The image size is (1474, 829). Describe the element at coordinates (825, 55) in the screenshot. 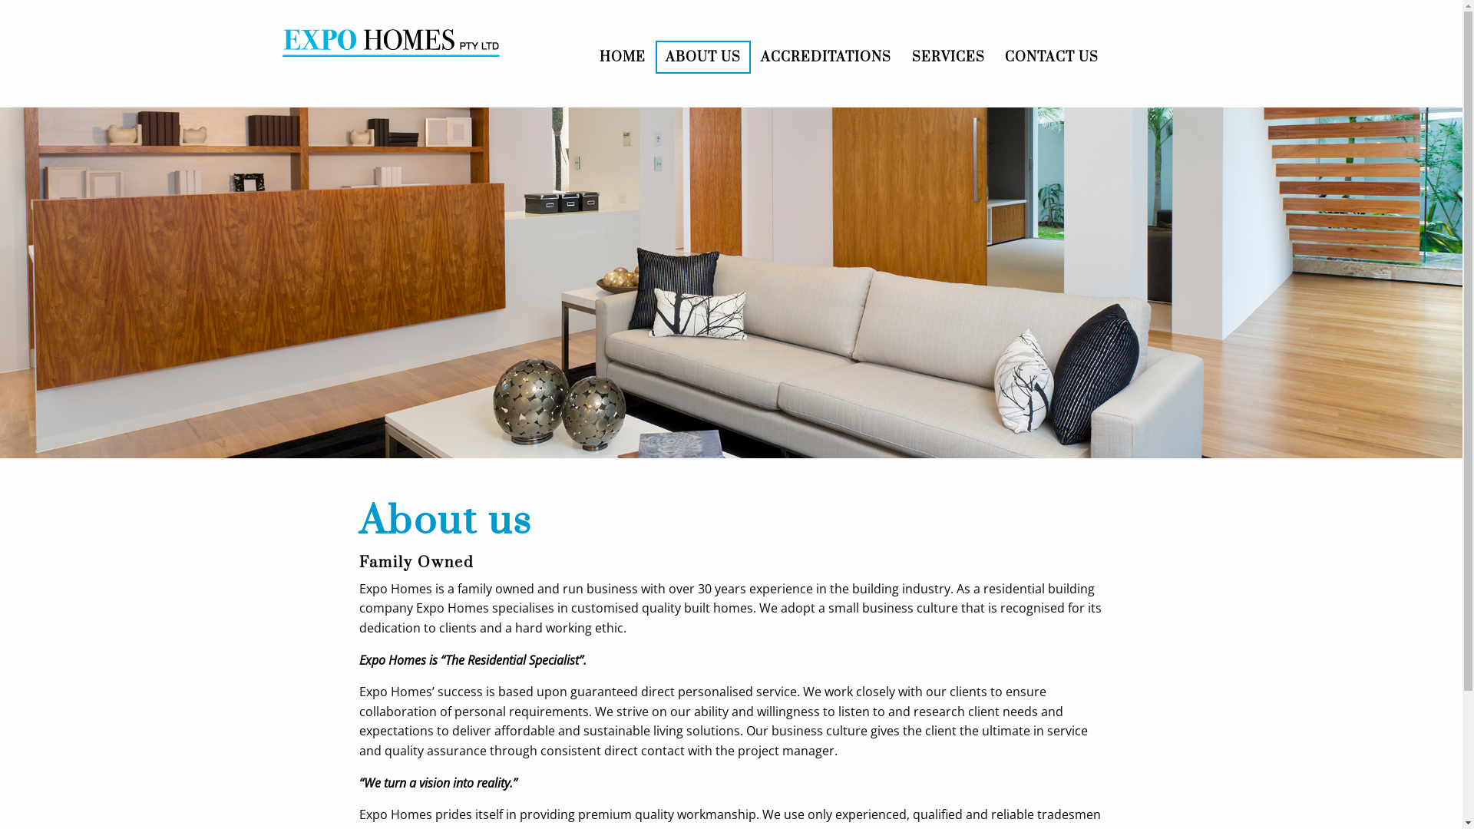

I see `'ACCREDITATIONS'` at that location.